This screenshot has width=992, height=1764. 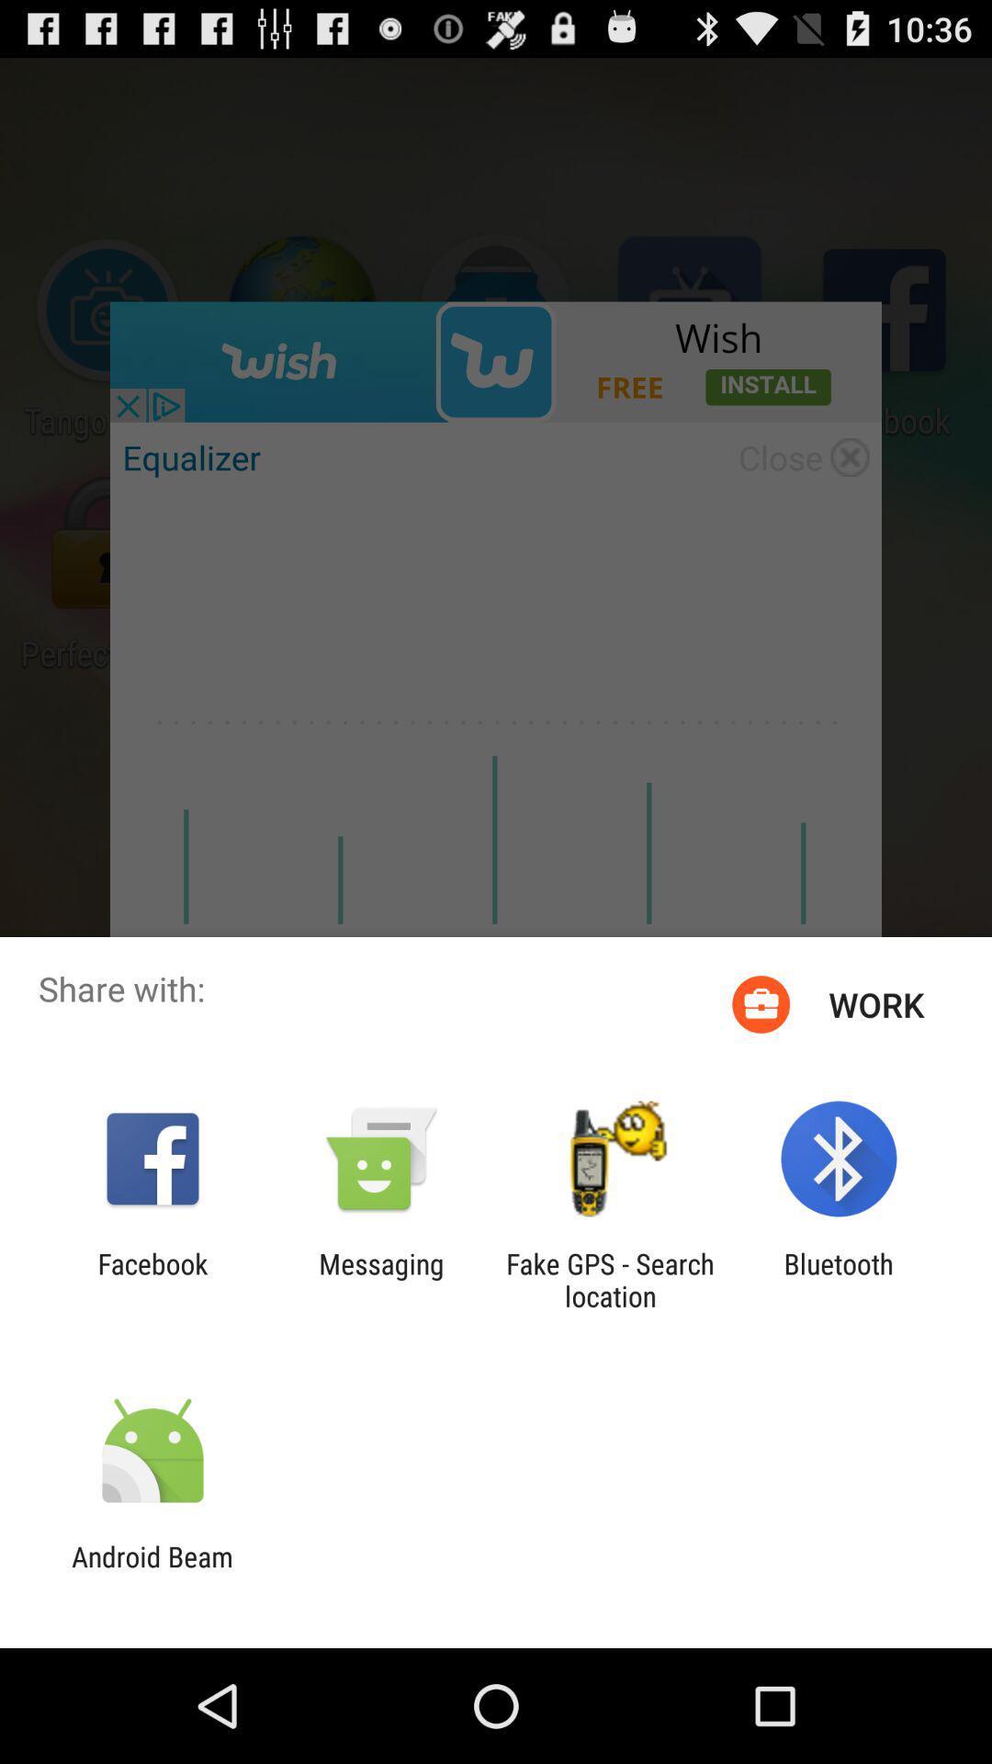 I want to click on the item next to messaging app, so click(x=610, y=1279).